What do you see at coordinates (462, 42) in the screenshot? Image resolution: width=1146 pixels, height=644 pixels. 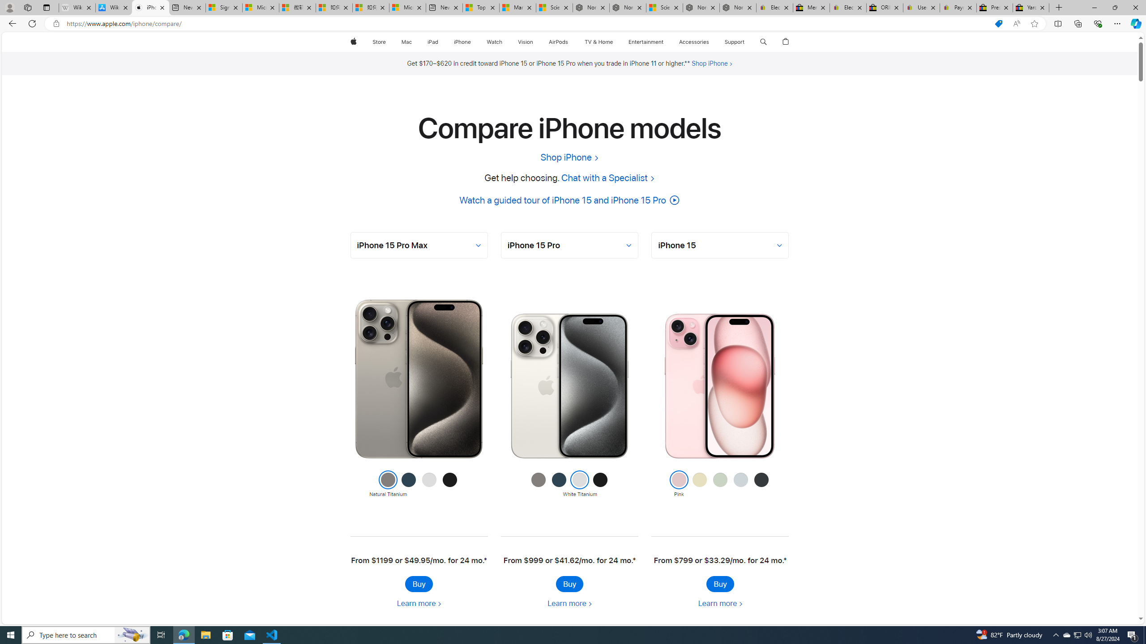 I see `'iPhone'` at bounding box center [462, 42].